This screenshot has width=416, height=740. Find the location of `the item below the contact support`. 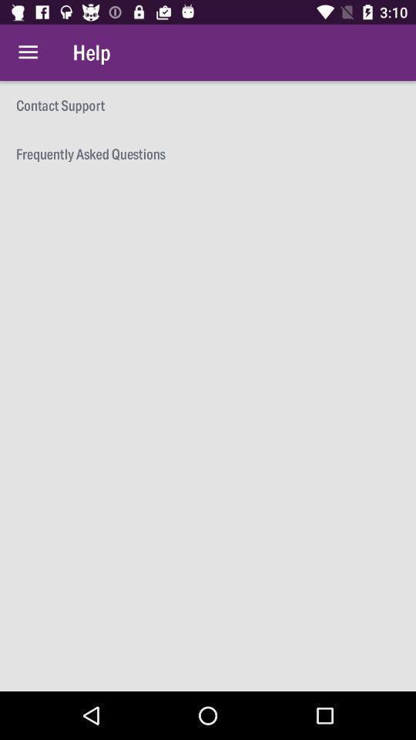

the item below the contact support is located at coordinates (208, 153).